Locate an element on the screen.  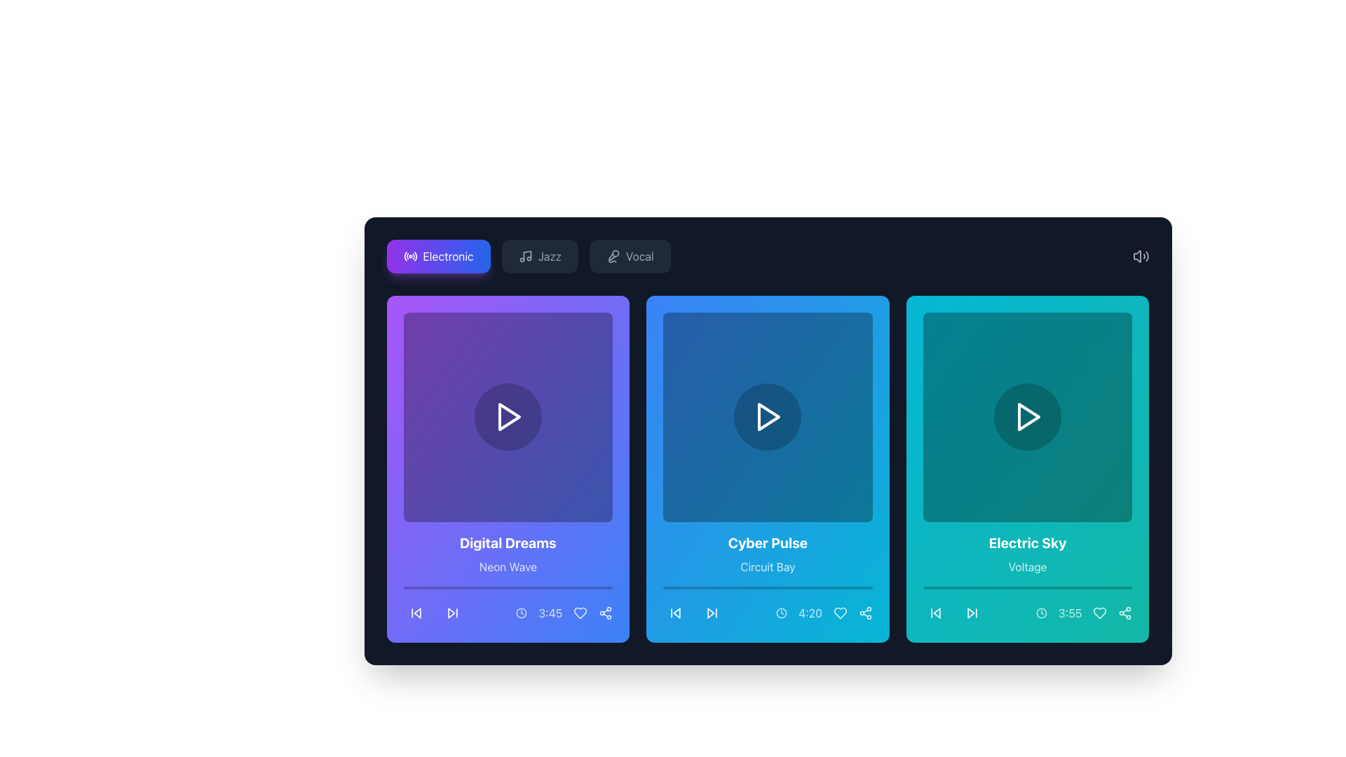
the circular clock icon with a minimalist design located within the 'Cyber Pulse' card, positioned to the immediate left of the text '4:20' is located at coordinates (781, 612).